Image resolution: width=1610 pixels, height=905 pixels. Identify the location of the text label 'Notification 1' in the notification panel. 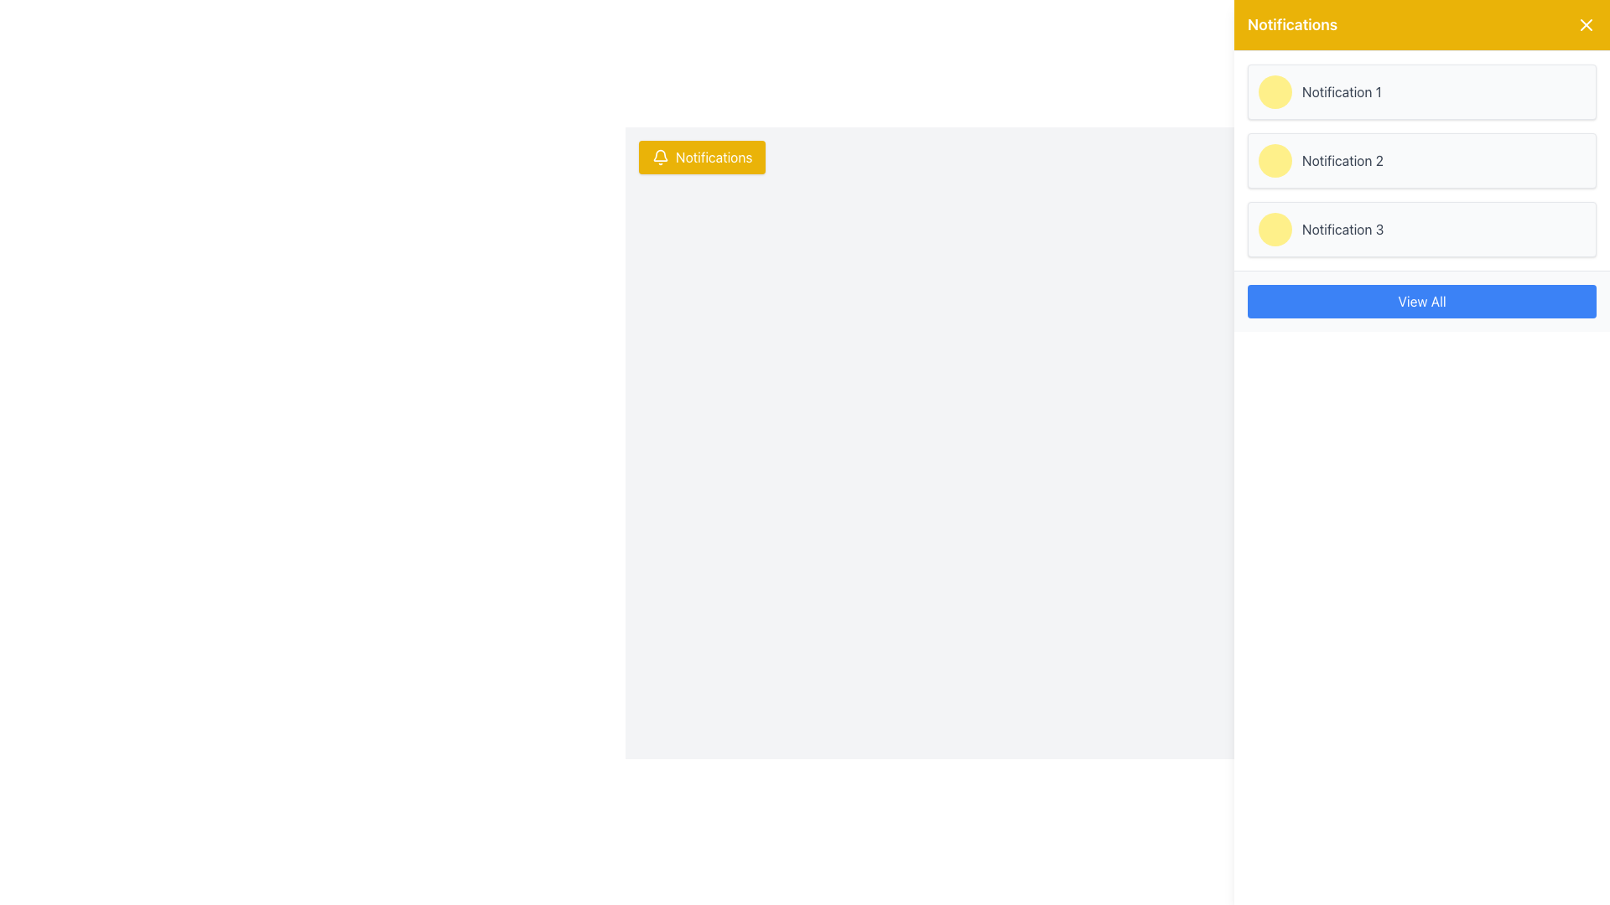
(1342, 92).